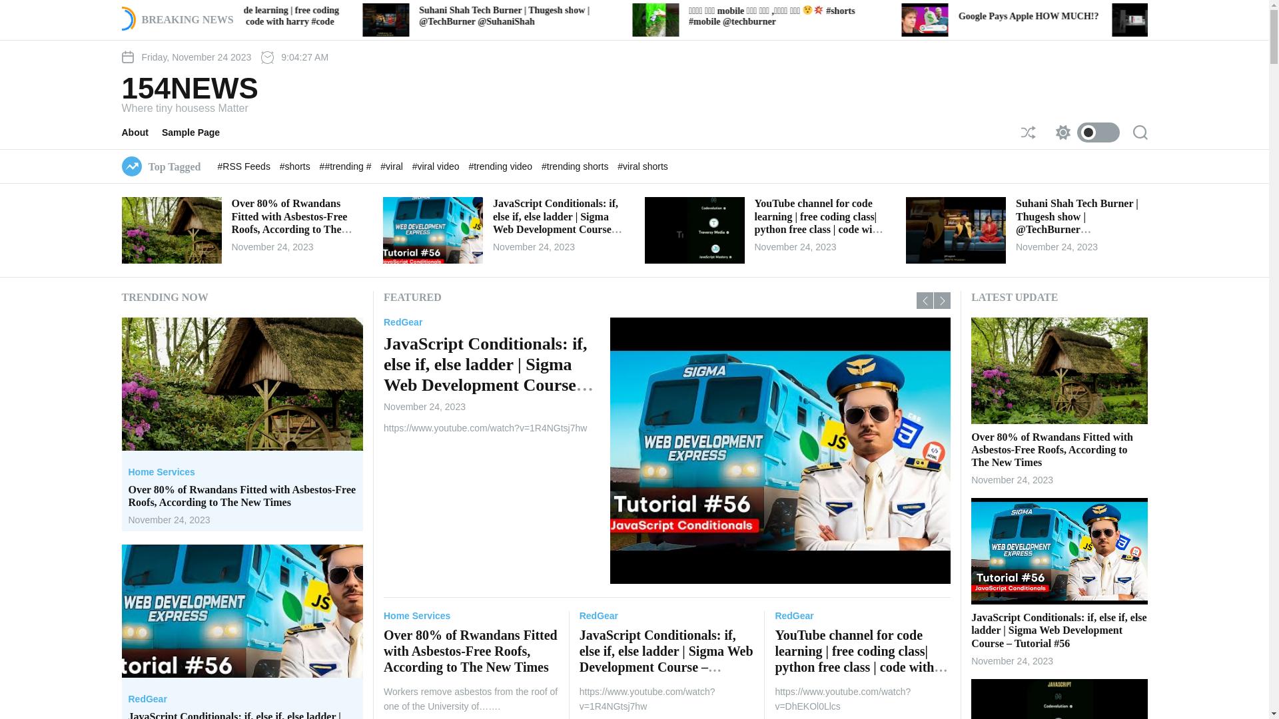  What do you see at coordinates (245, 166) in the screenshot?
I see `'#RSS Feeds'` at bounding box center [245, 166].